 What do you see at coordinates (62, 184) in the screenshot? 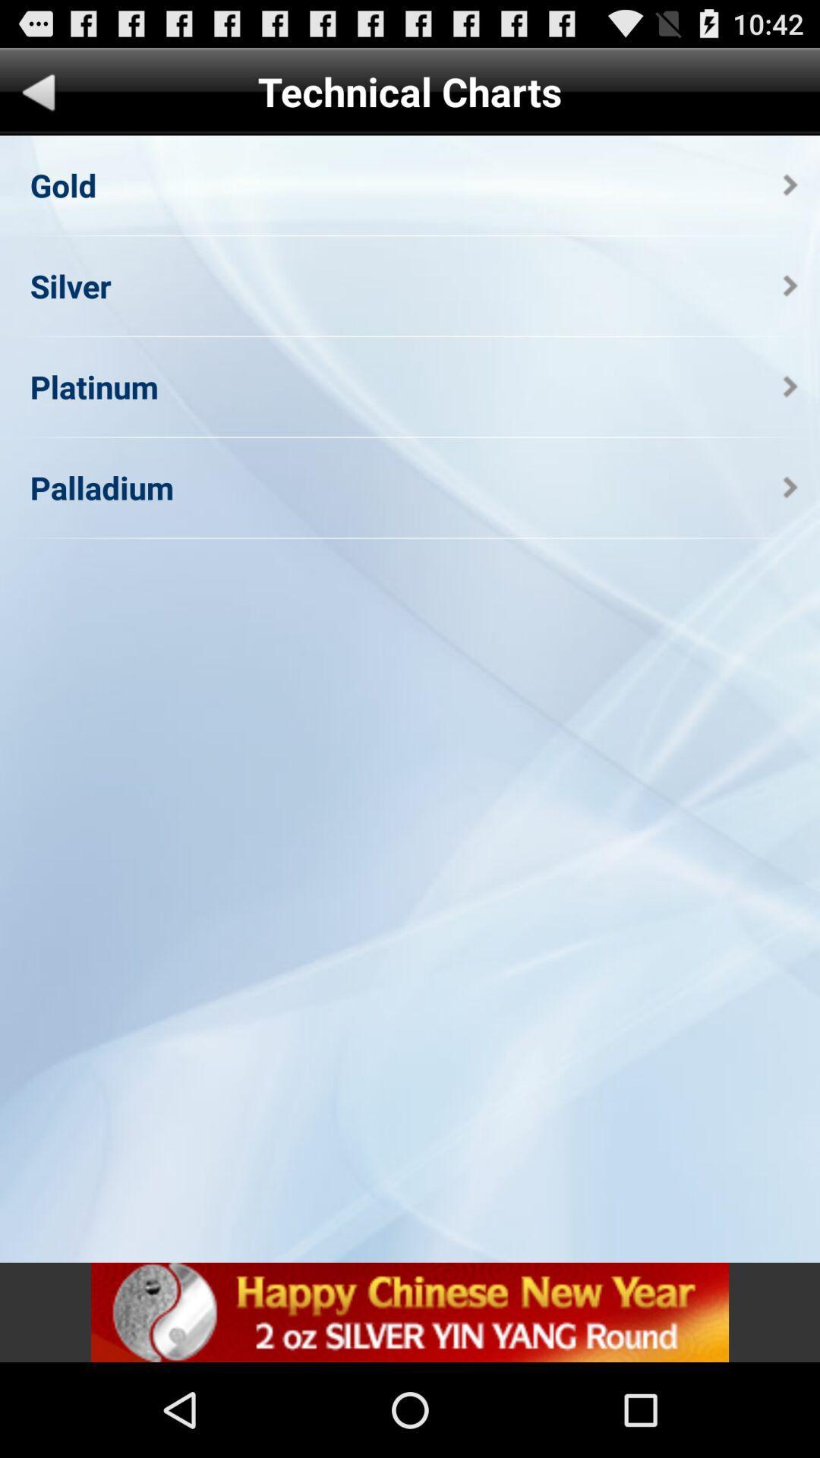
I see `app above silver` at bounding box center [62, 184].